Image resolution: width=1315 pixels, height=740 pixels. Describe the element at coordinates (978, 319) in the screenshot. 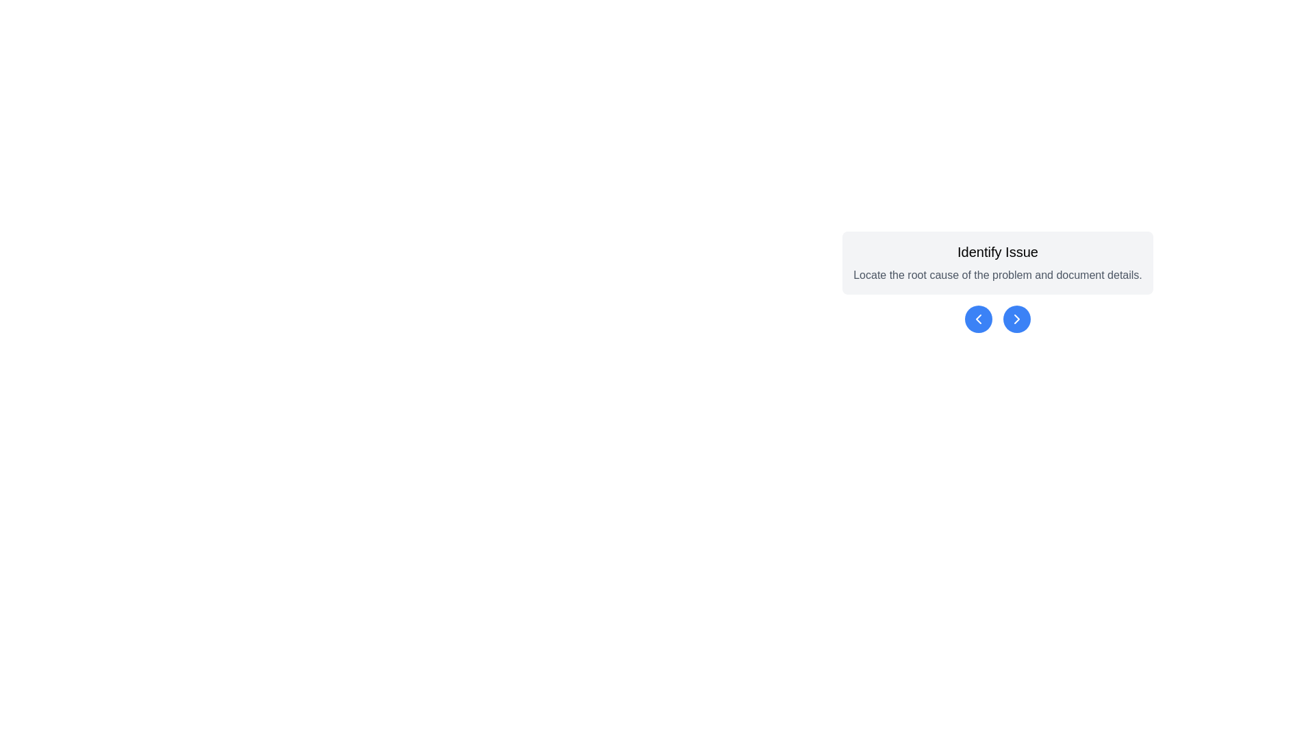

I see `the circular button icon positioned to the left of the right-pointing chevron icon underneath the 'Identify Issue' text block` at that location.